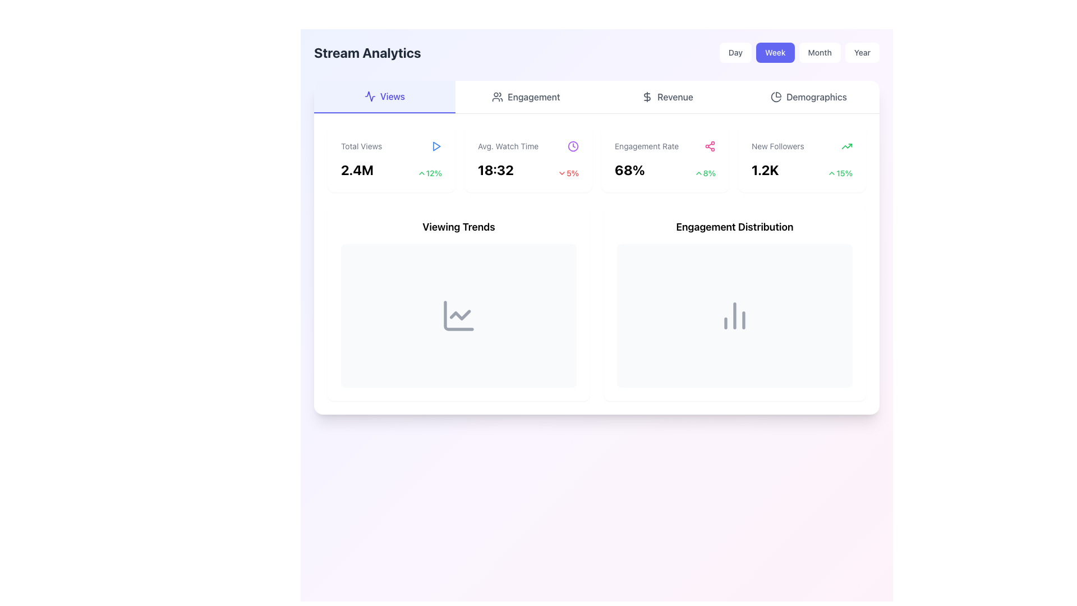  Describe the element at coordinates (802, 146) in the screenshot. I see `text label 'New Followers' which is styled in gray font and positioned at the top-right section of the dashboard card` at that location.